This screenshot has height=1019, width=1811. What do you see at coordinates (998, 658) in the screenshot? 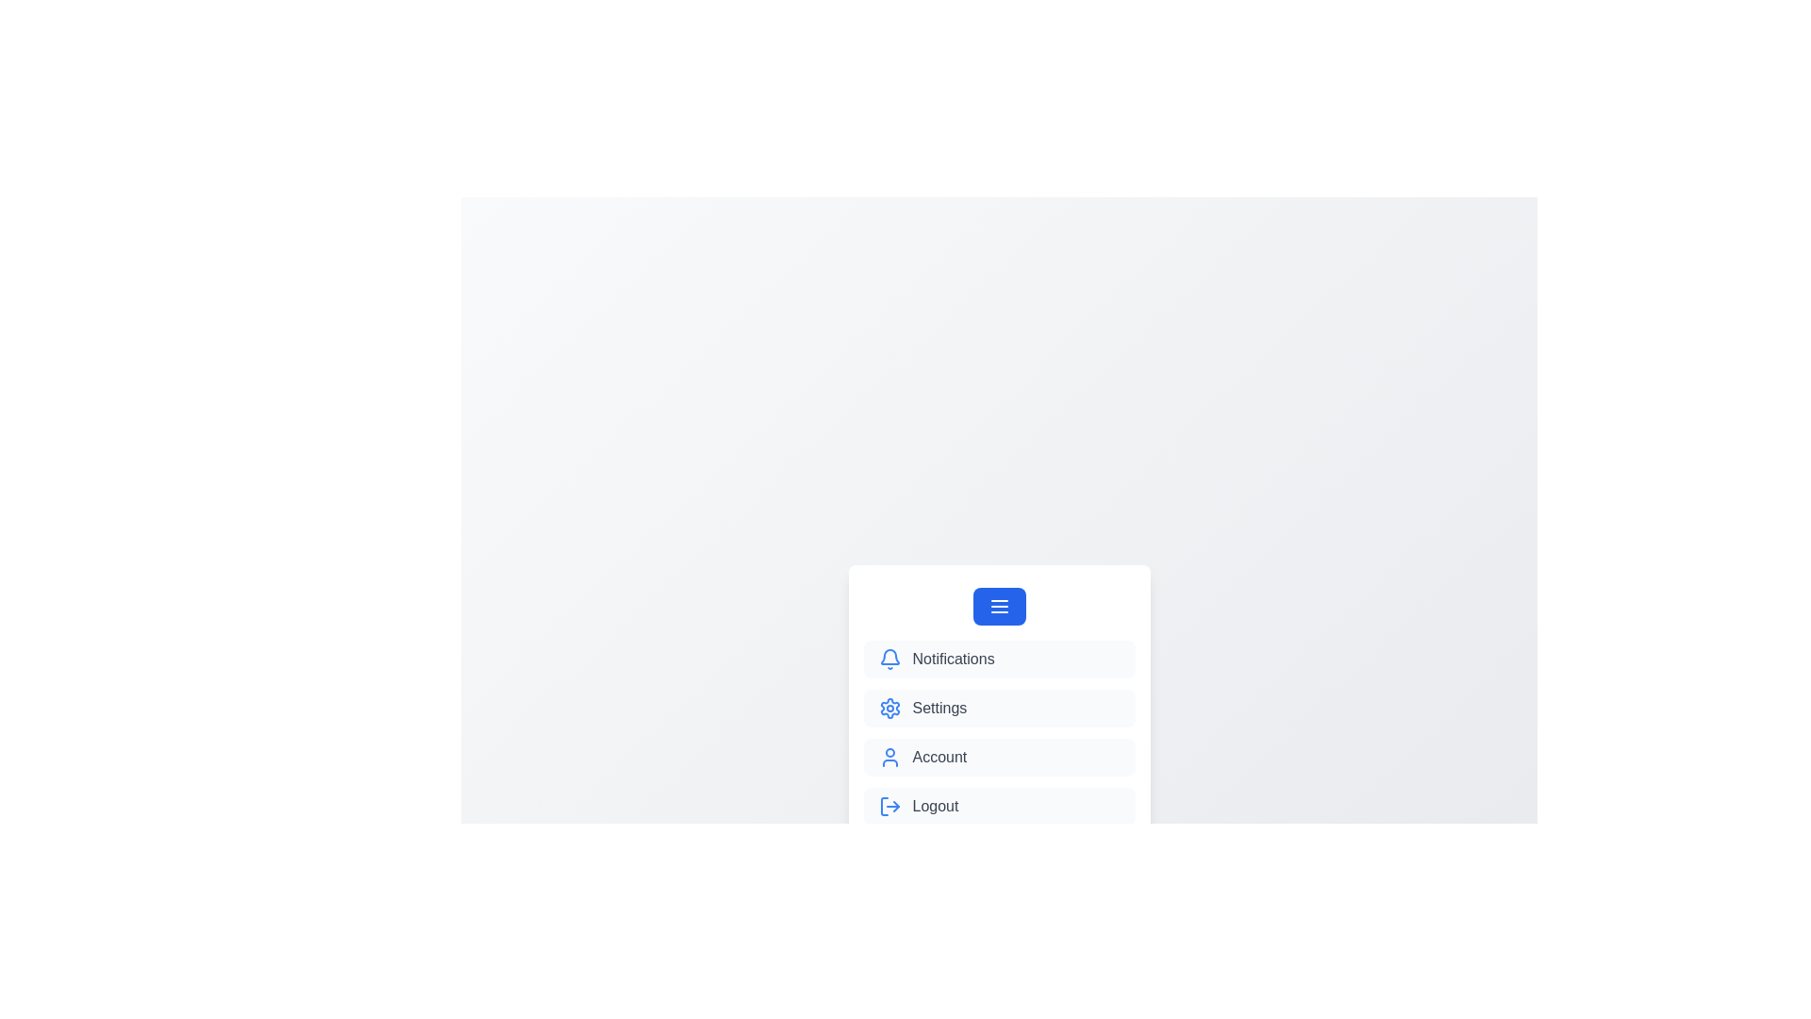
I see `the menu option Notifications by clicking on it` at bounding box center [998, 658].